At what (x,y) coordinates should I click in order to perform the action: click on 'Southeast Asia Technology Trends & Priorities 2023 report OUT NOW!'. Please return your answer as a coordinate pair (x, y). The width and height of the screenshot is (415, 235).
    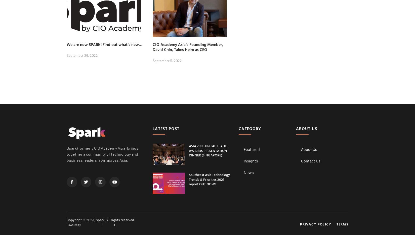
    Looking at the image, I should click on (188, 179).